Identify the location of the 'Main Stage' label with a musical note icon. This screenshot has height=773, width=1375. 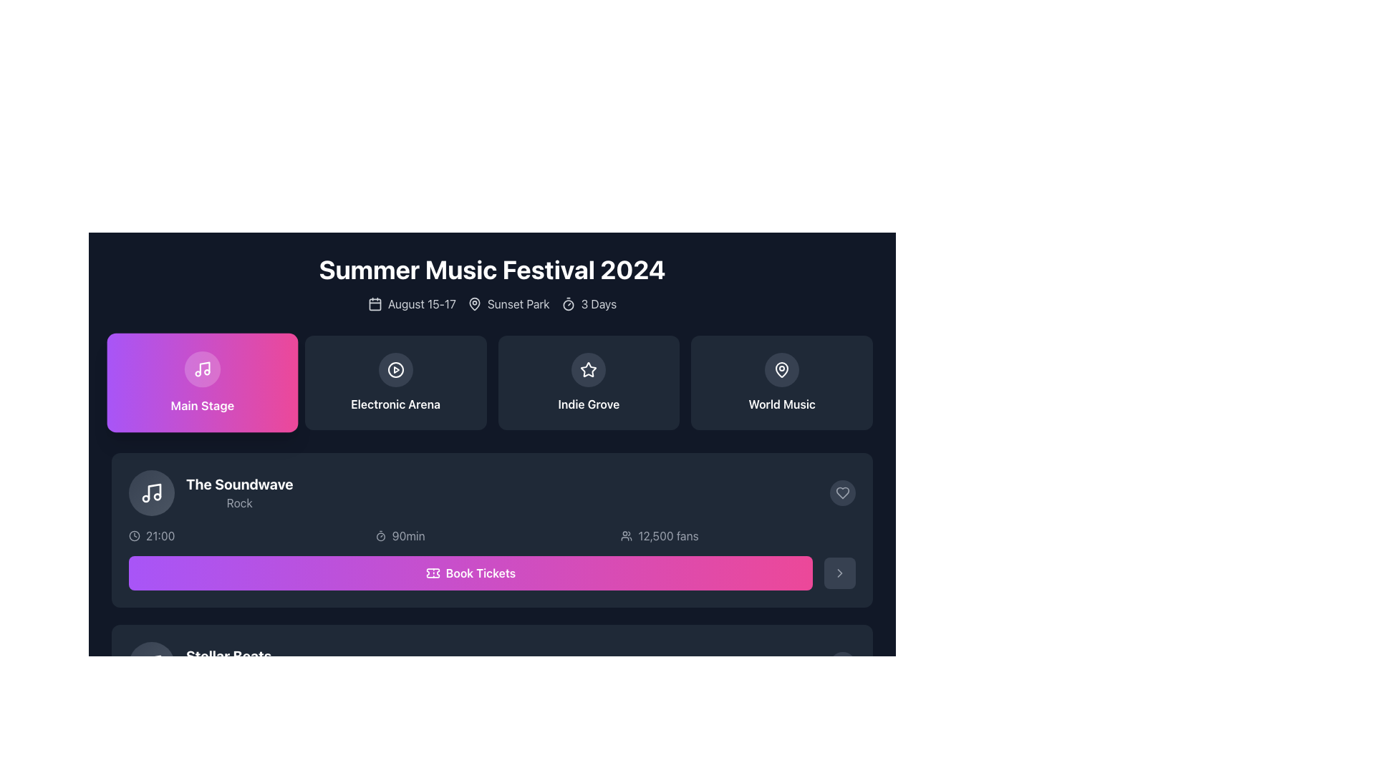
(201, 382).